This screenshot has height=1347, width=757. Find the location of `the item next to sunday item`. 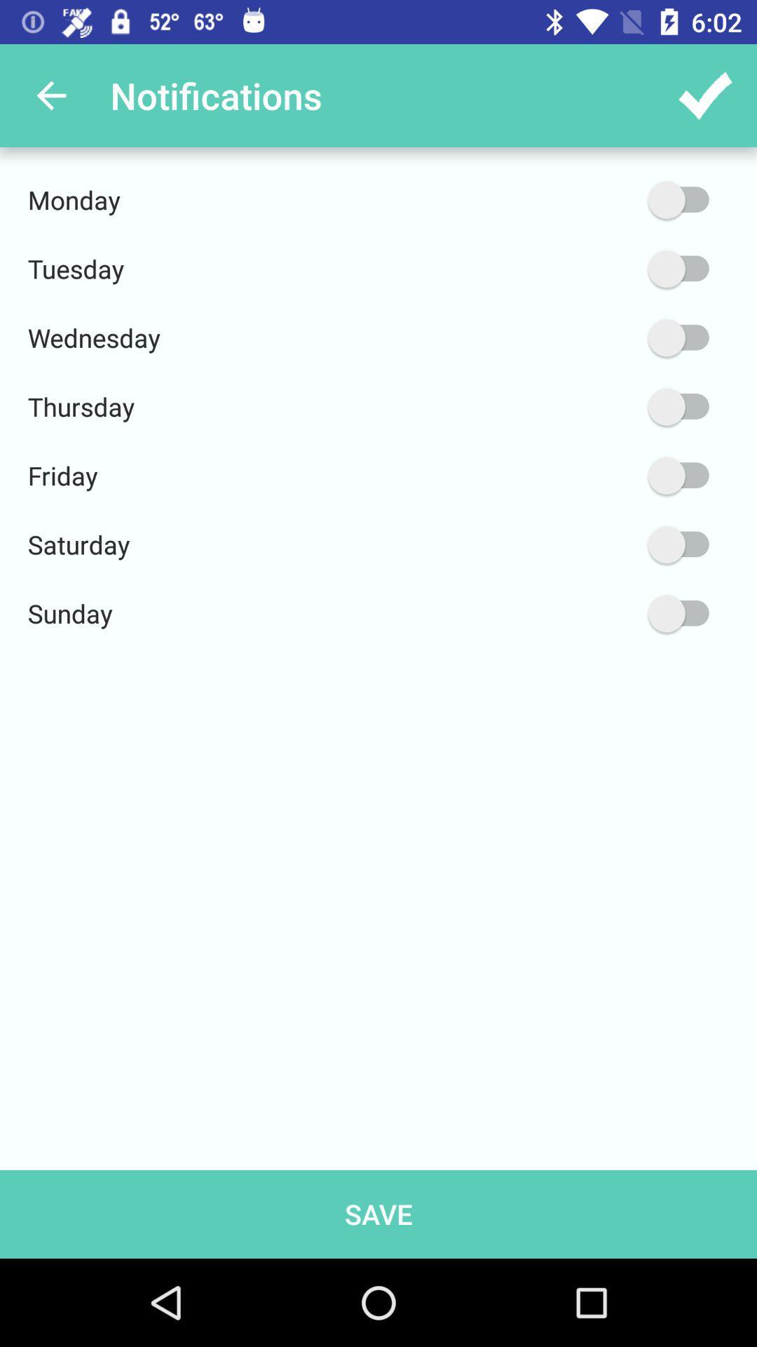

the item next to sunday item is located at coordinates (611, 613).